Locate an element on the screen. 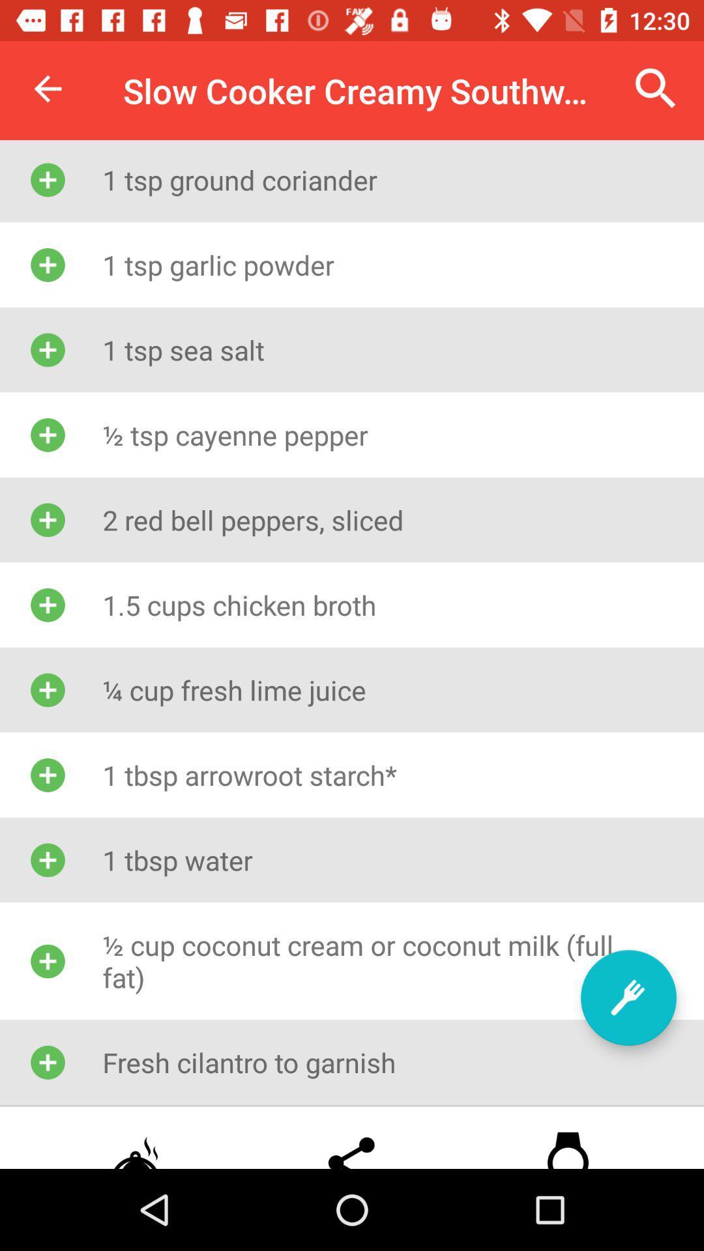  menu toggle is located at coordinates (628, 997).